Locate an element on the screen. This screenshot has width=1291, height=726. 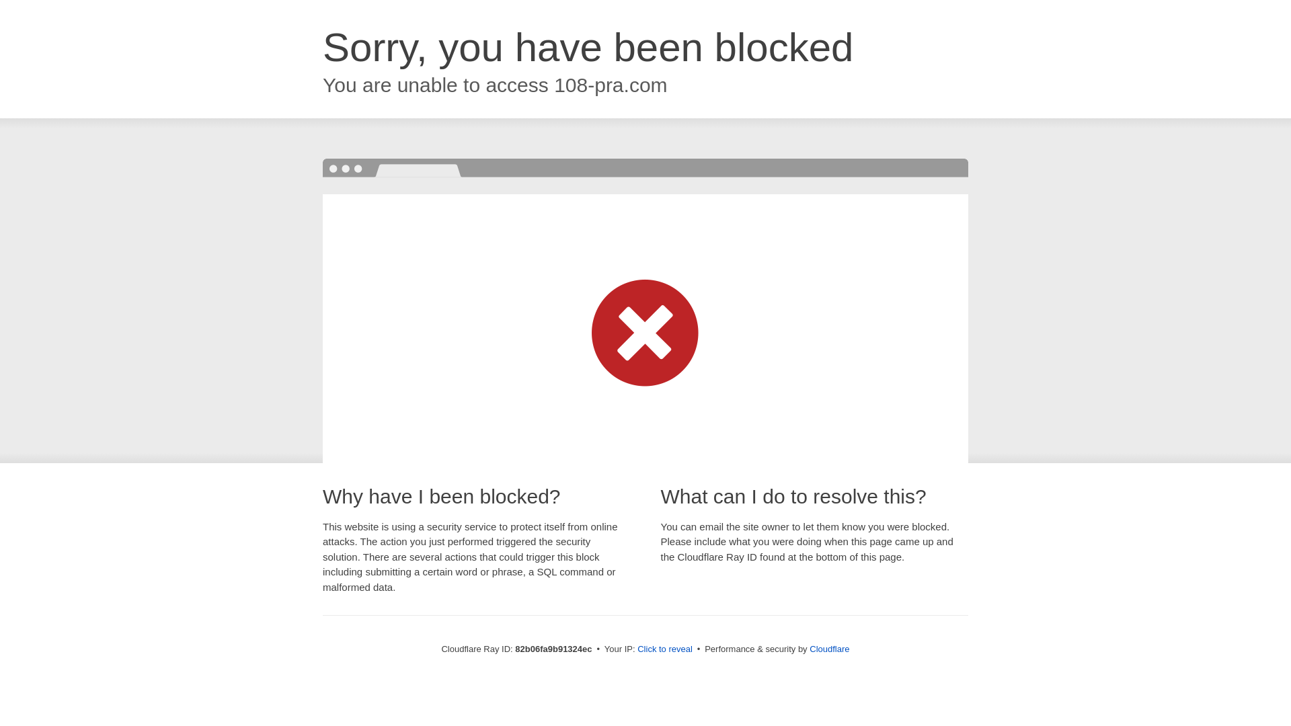
'Click to reveal' is located at coordinates (664, 648).